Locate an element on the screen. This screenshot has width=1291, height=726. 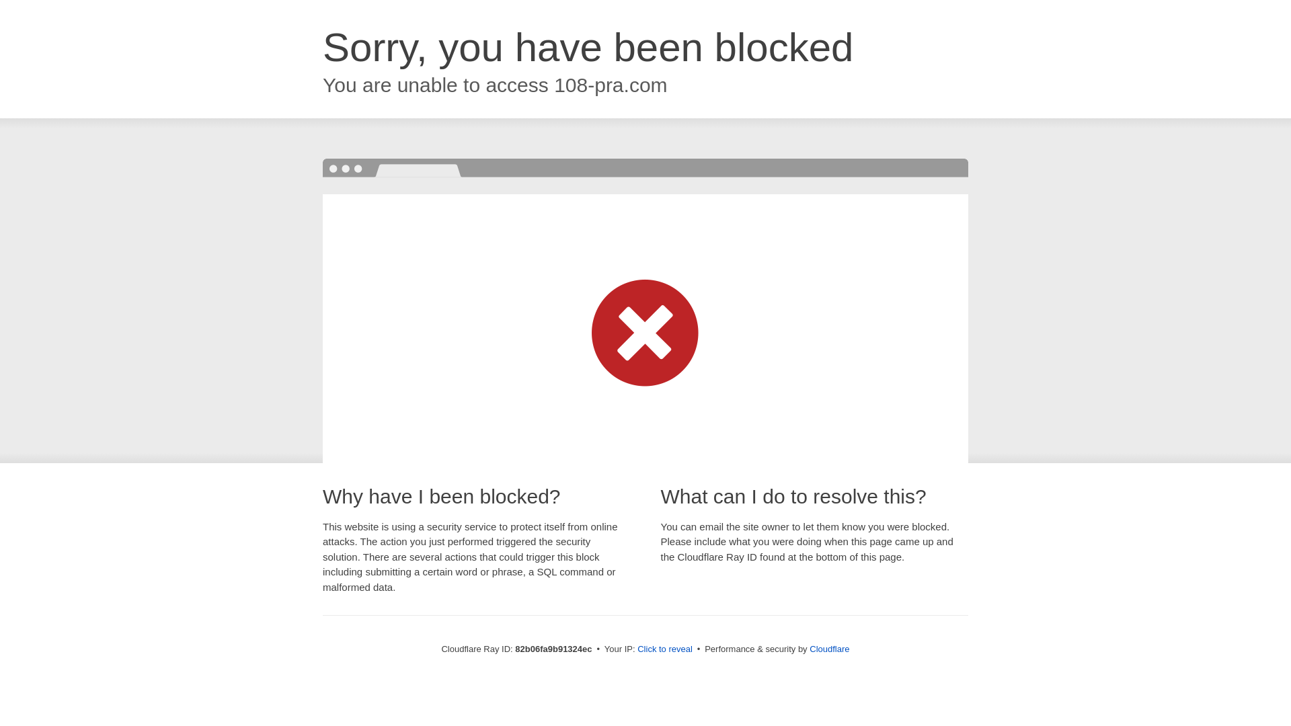
'Click to reveal' is located at coordinates (664, 648).